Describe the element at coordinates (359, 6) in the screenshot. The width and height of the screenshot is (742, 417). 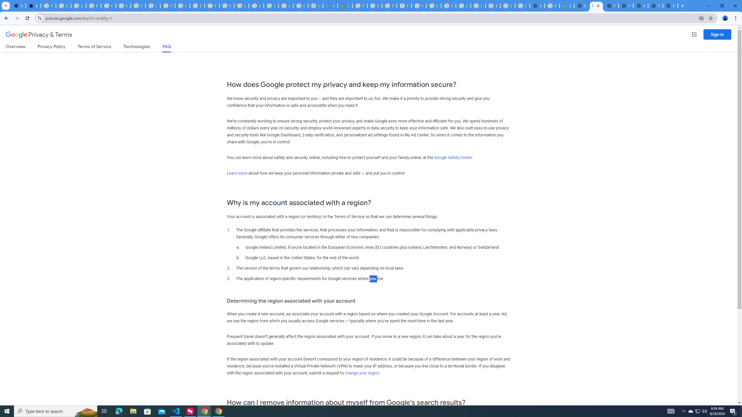
I see `'Policy Accountability and Transparency - Transparency Center'` at that location.